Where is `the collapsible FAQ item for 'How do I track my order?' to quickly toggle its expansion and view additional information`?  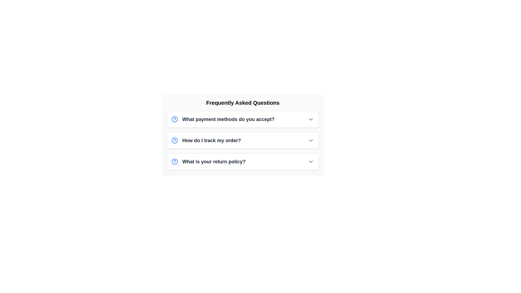 the collapsible FAQ item for 'How do I track my order?' to quickly toggle its expansion and view additional information is located at coordinates (242, 140).